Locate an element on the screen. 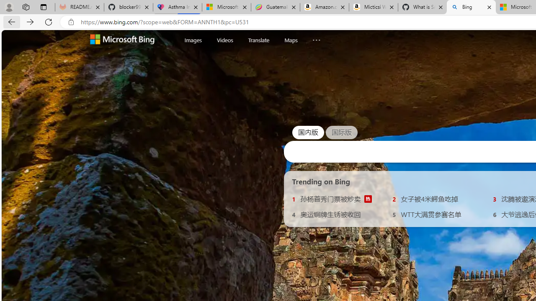 This screenshot has width=536, height=301. 'Bing' is located at coordinates (471, 7).